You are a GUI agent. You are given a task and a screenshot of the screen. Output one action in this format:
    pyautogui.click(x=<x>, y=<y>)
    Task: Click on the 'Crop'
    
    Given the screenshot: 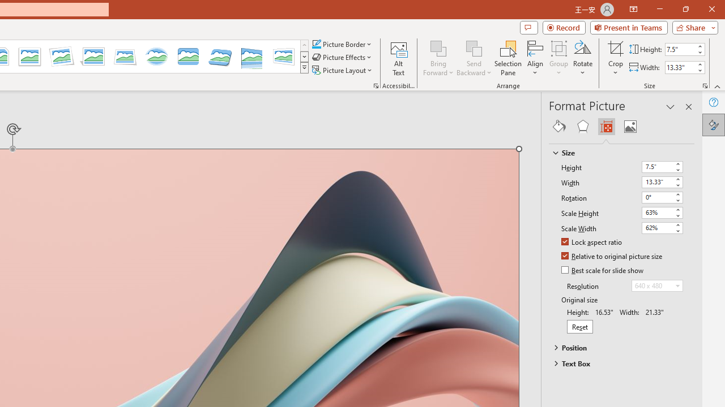 What is the action you would take?
    pyautogui.click(x=615, y=47)
    